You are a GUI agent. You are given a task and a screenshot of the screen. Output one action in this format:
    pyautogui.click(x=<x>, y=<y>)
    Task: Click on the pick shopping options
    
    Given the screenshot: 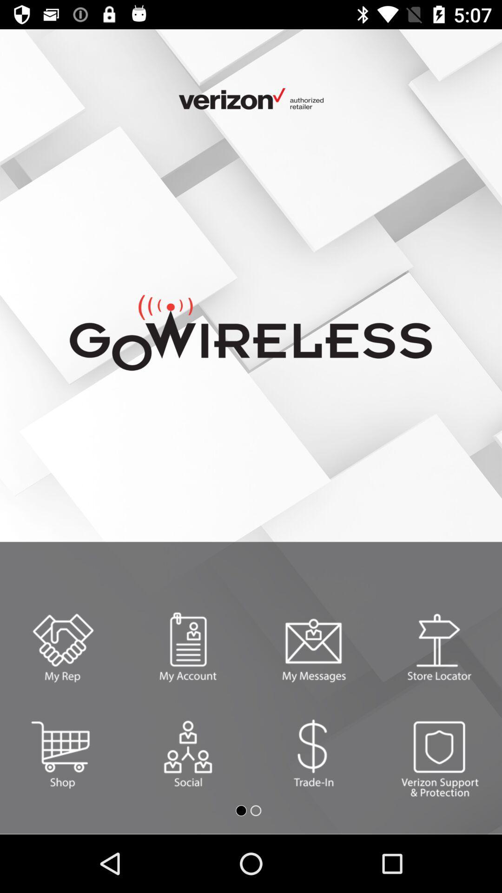 What is the action you would take?
    pyautogui.click(x=63, y=753)
    